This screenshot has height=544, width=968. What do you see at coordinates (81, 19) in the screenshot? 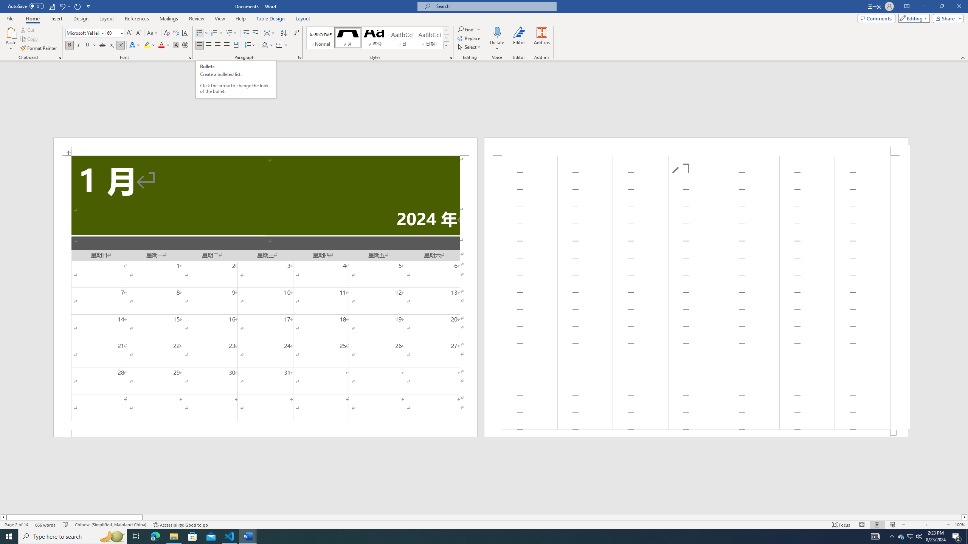
I see `'Design'` at bounding box center [81, 19].